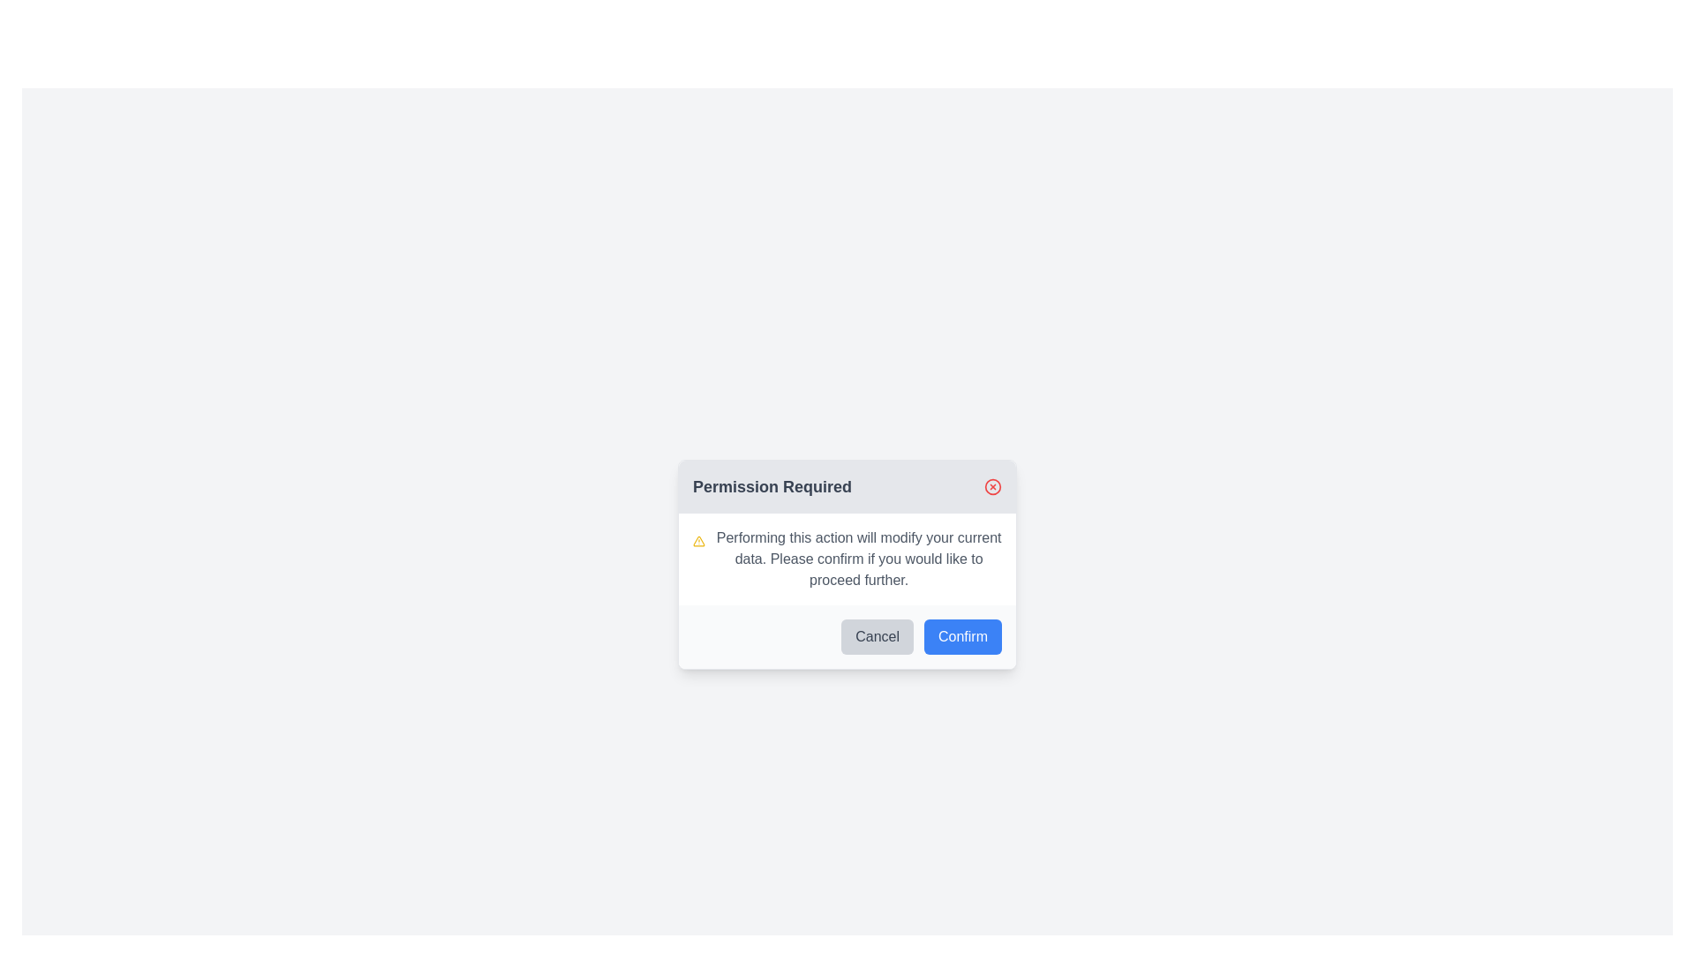  I want to click on the circular red outlined icon indicating 'X' for closing the dialog titled 'Permission Required' to trigger visual feedback, so click(992, 486).